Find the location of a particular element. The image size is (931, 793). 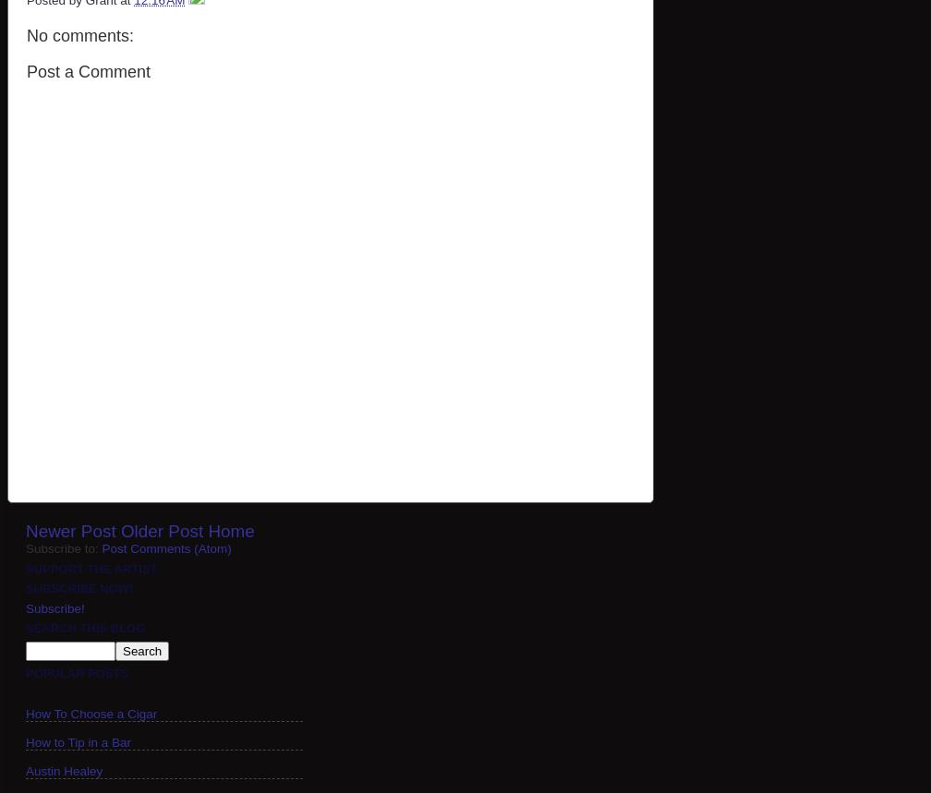

'Subscribe to:' is located at coordinates (26, 548).